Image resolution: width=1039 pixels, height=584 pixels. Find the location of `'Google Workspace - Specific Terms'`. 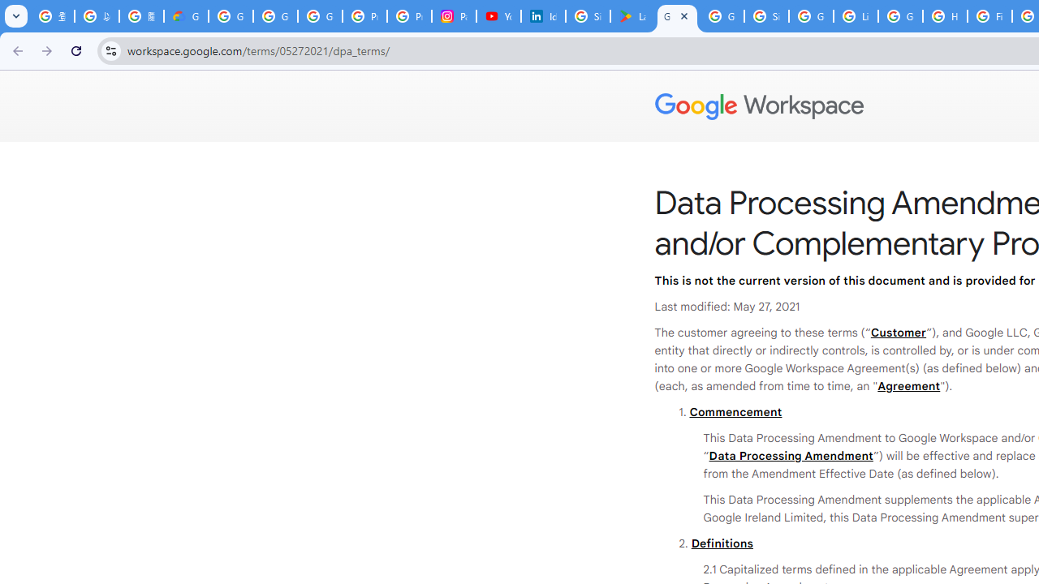

'Google Workspace - Specific Terms' is located at coordinates (720, 16).